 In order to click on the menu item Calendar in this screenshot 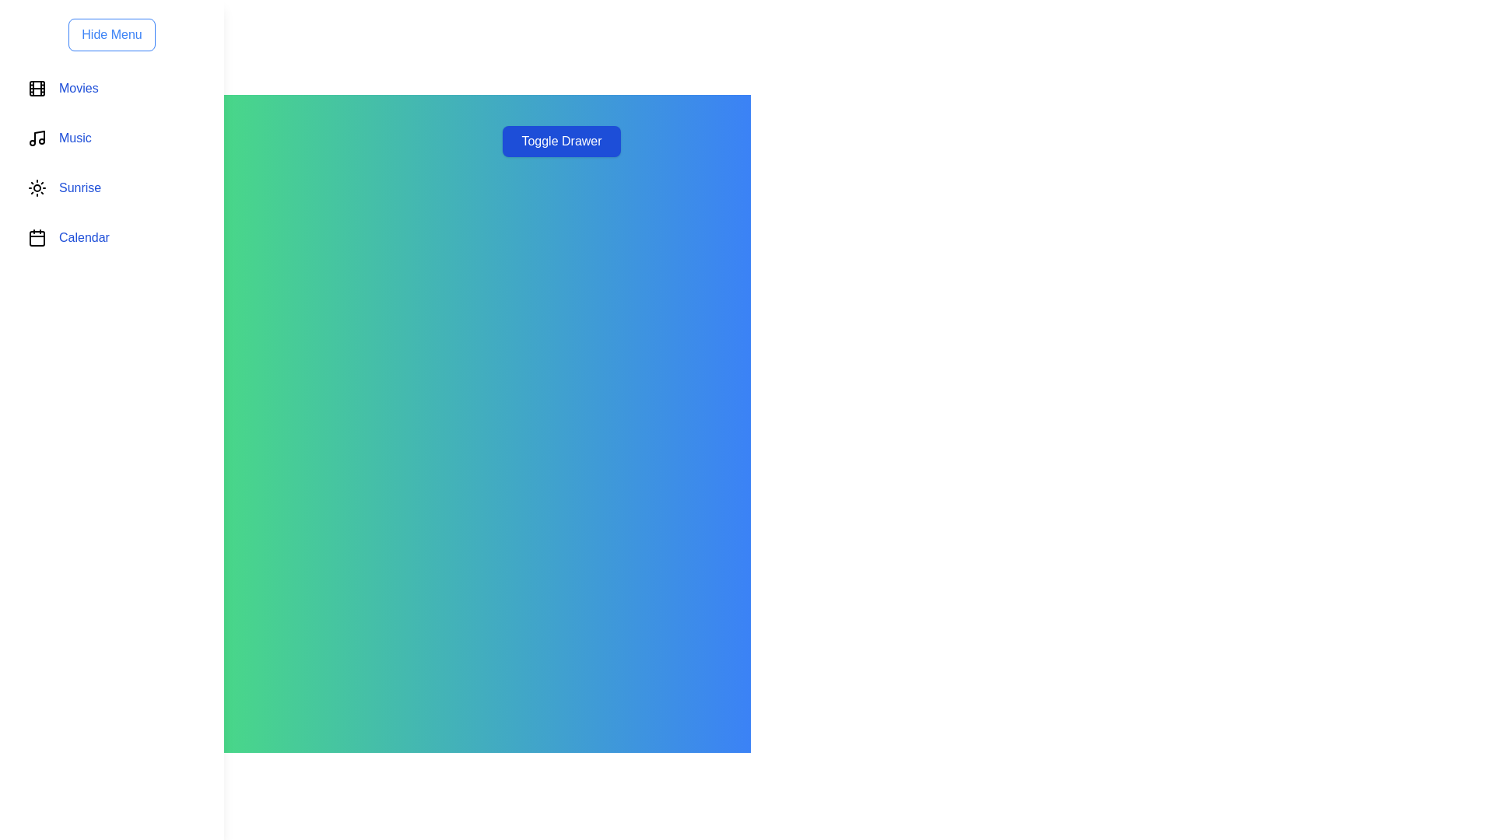, I will do `click(111, 237)`.